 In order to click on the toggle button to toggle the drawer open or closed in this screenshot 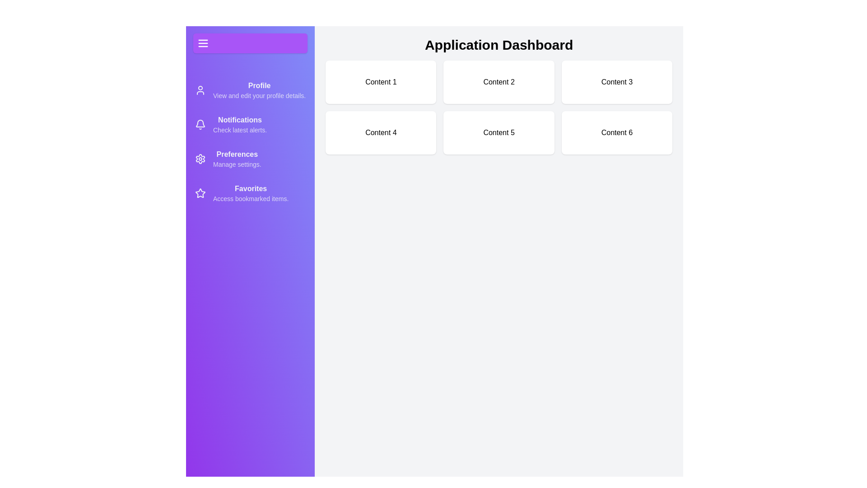, I will do `click(250, 43)`.